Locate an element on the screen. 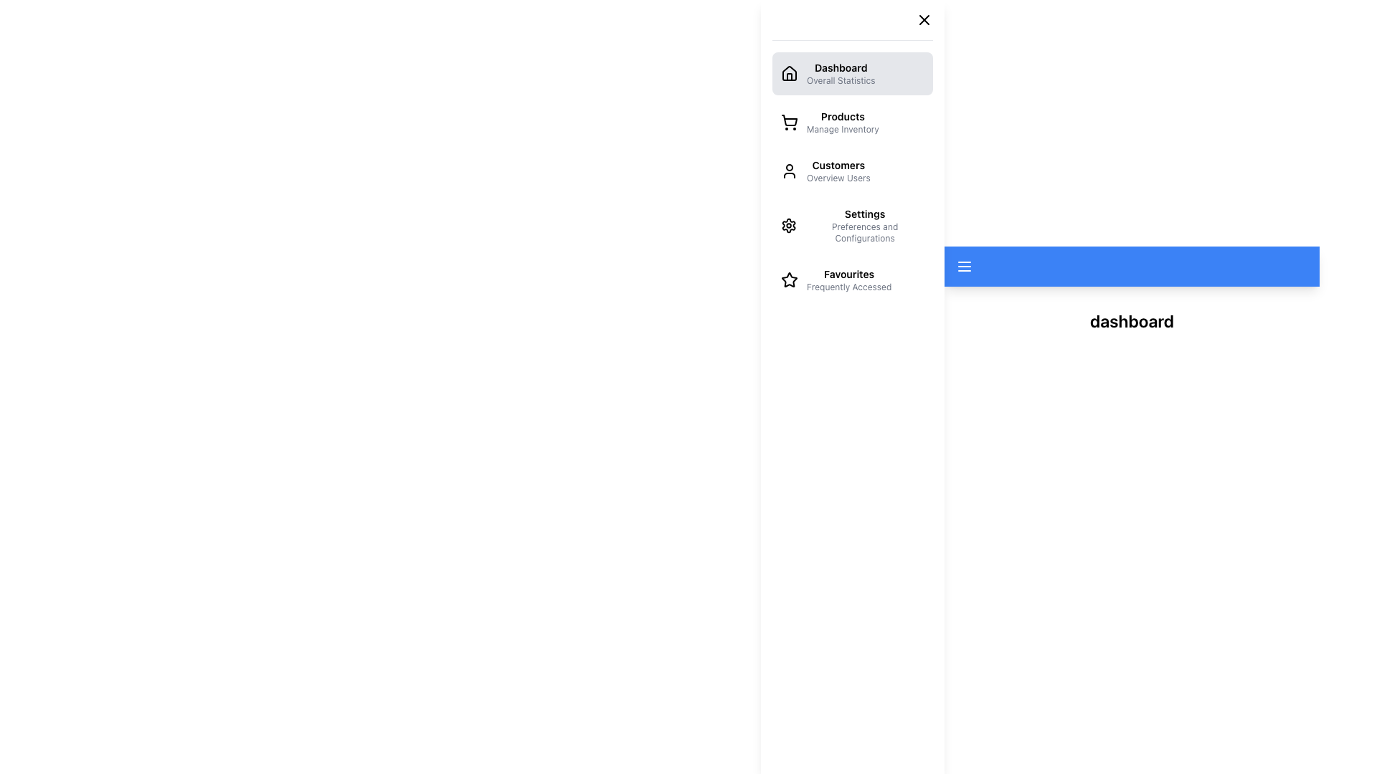 The width and height of the screenshot is (1377, 774). the second option in the left-side drawer navigation menu, which is the 'Manage Inventory' section is located at coordinates (853, 121).